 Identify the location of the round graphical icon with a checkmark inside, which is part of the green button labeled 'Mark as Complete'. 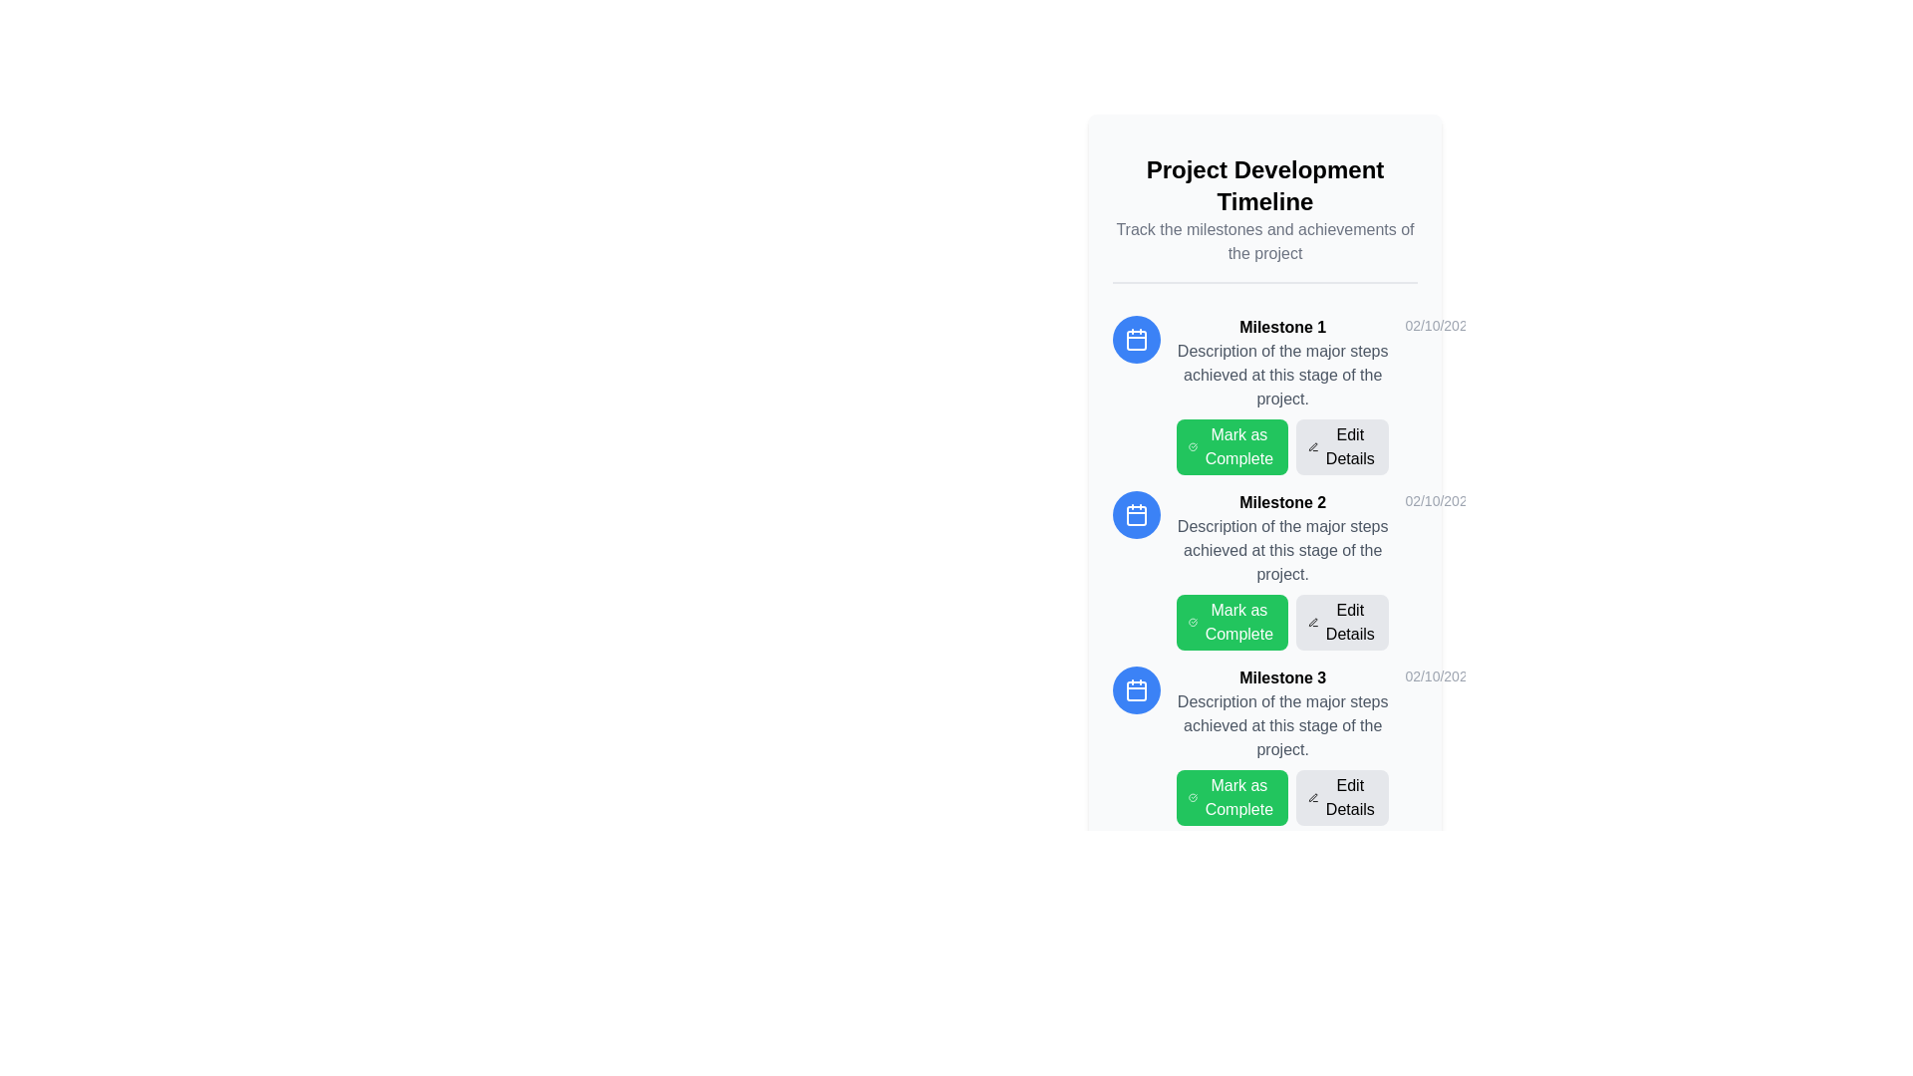
(1193, 445).